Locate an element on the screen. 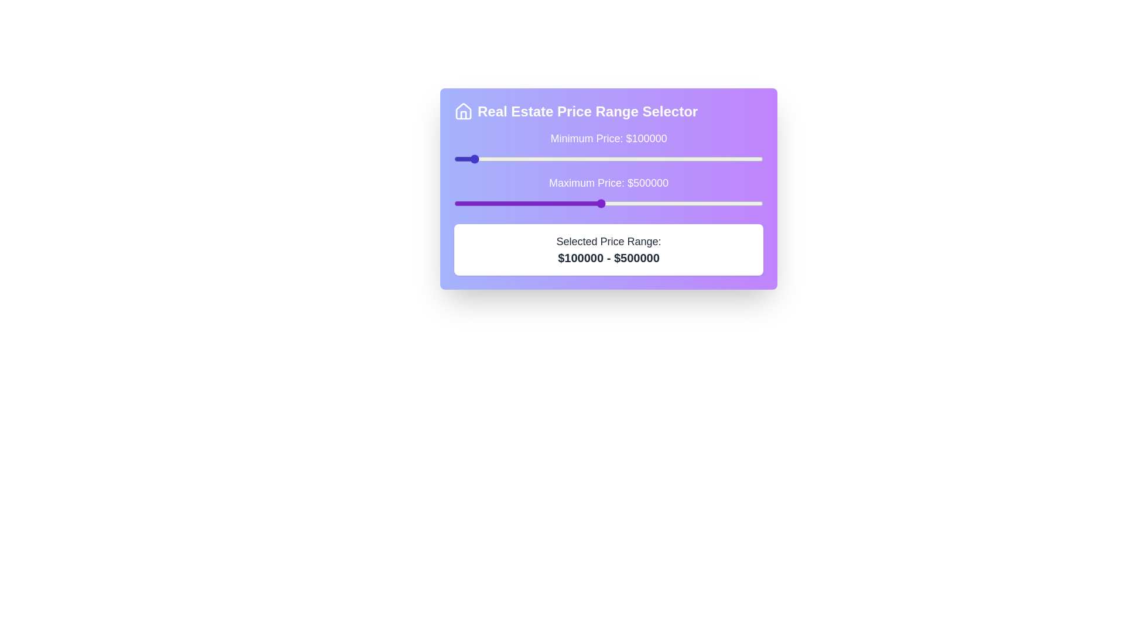 The height and width of the screenshot is (632, 1124). the minimum price slider to 292212 dollars is located at coordinates (532, 159).